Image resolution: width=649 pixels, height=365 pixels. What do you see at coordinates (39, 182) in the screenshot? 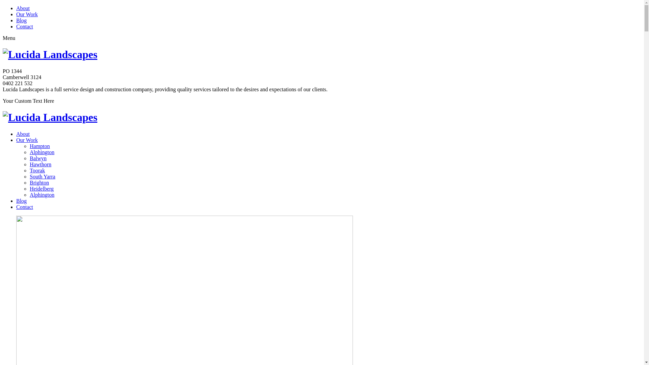
I see `'Brighton'` at bounding box center [39, 182].